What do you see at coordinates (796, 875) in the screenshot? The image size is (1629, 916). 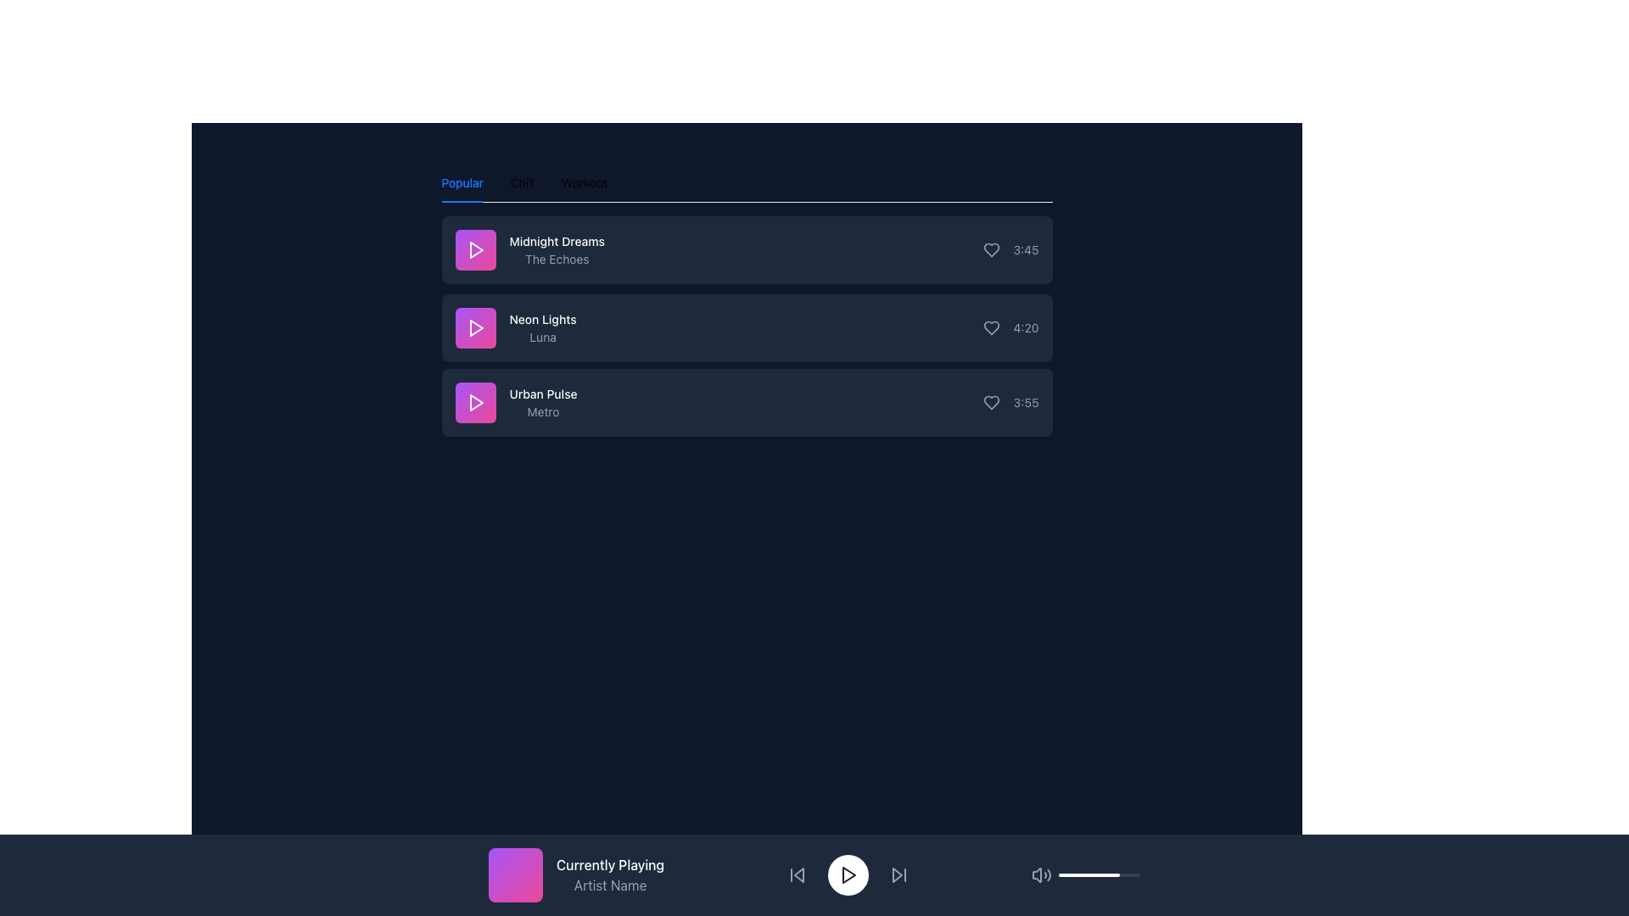 I see `the backward skip button, which is the first button in the playback control cluster, to skip to the previous track` at bounding box center [796, 875].